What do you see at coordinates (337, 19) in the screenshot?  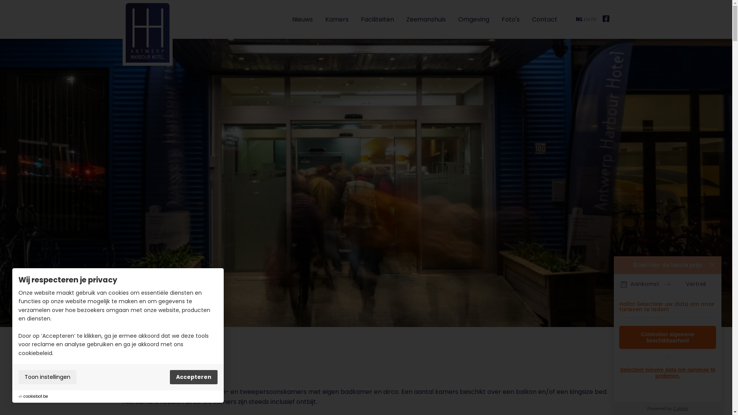 I see `'Kamers'` at bounding box center [337, 19].